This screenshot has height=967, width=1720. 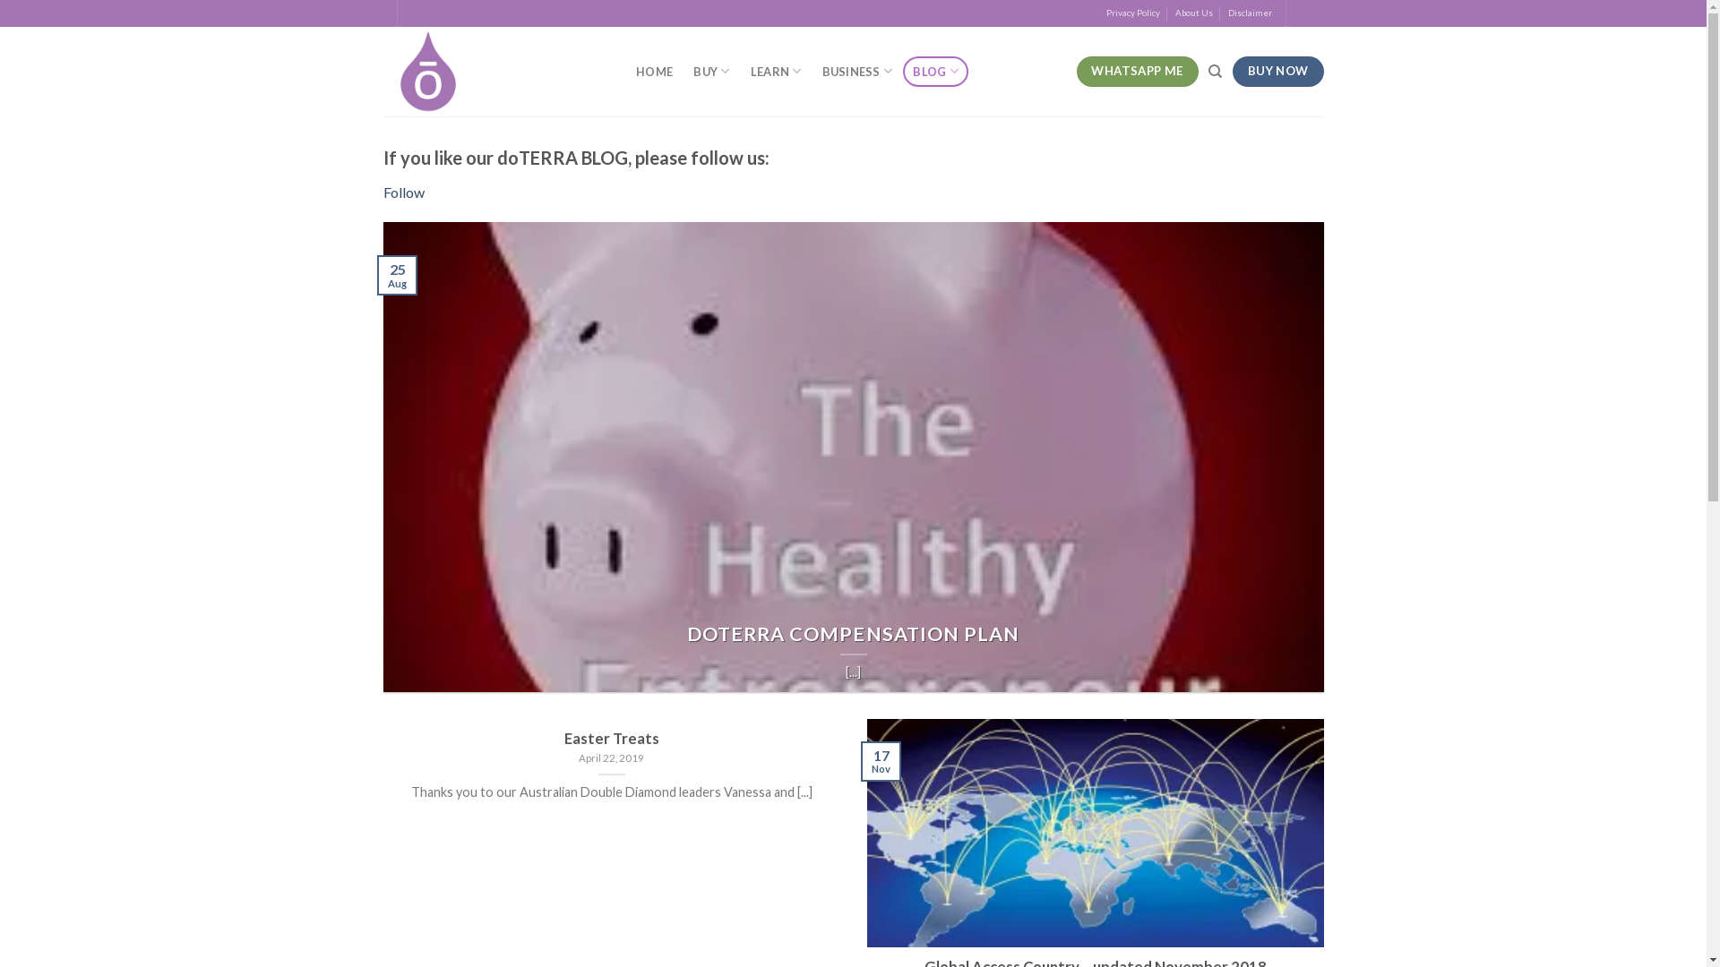 I want to click on 'Follow', so click(x=403, y=192).